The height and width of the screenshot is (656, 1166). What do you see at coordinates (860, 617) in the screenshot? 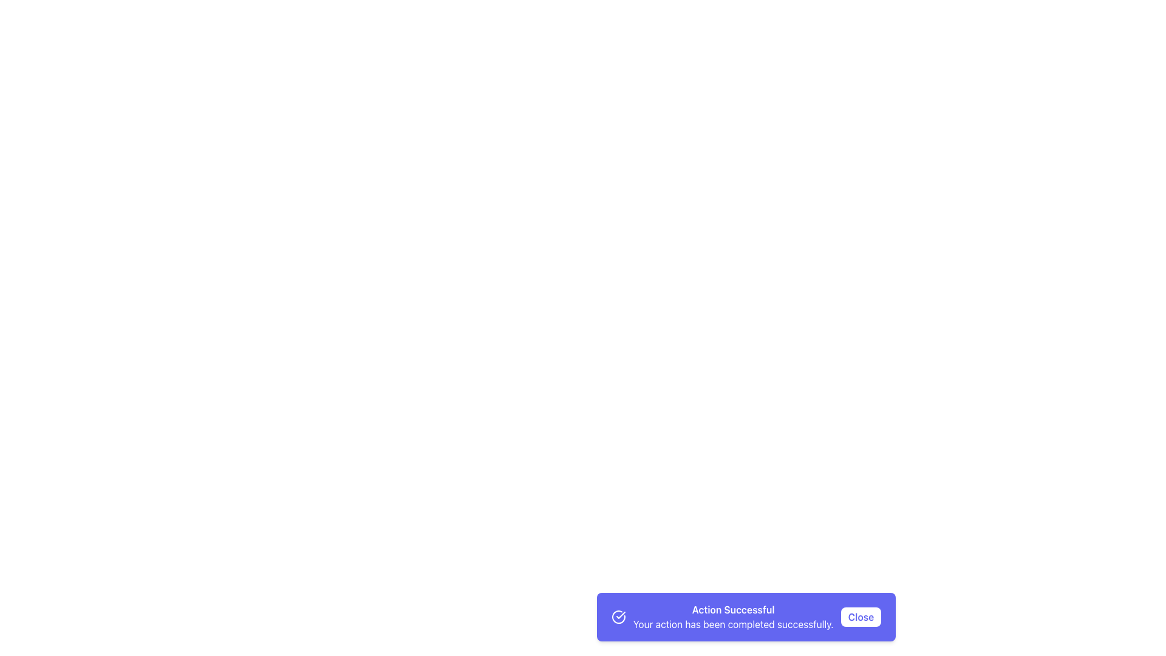
I see `the 'Close' button located at the far-right side of the notification banner` at bounding box center [860, 617].